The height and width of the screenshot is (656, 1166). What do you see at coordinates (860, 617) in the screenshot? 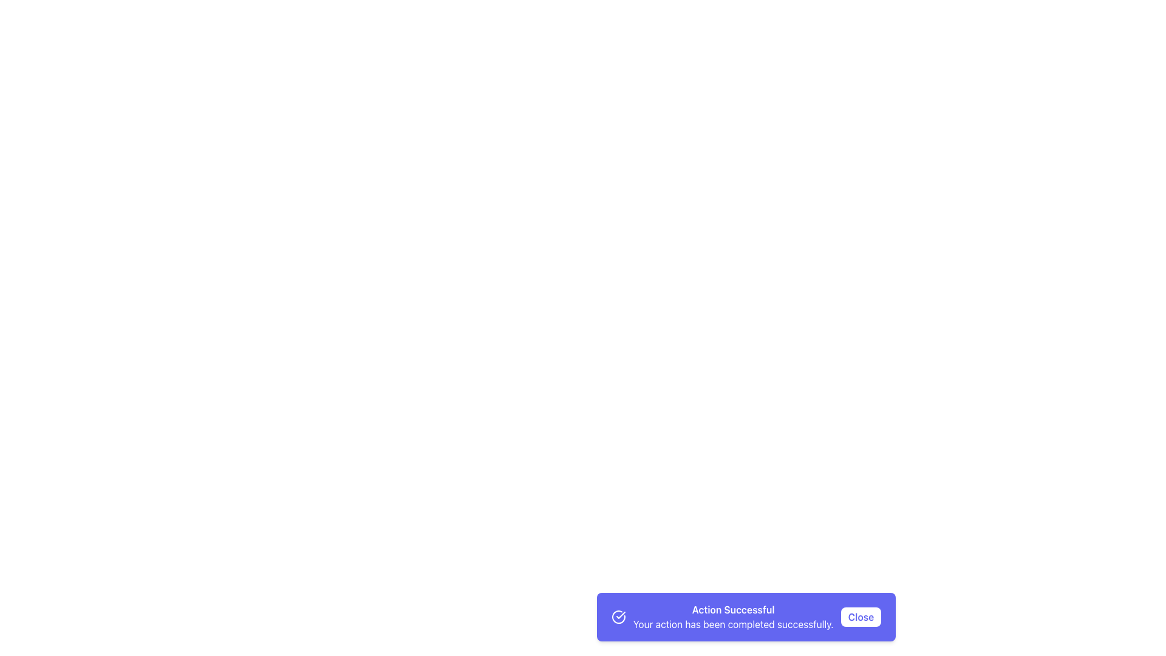
I see `the 'Close' button located at the far-right side of the notification banner` at bounding box center [860, 617].